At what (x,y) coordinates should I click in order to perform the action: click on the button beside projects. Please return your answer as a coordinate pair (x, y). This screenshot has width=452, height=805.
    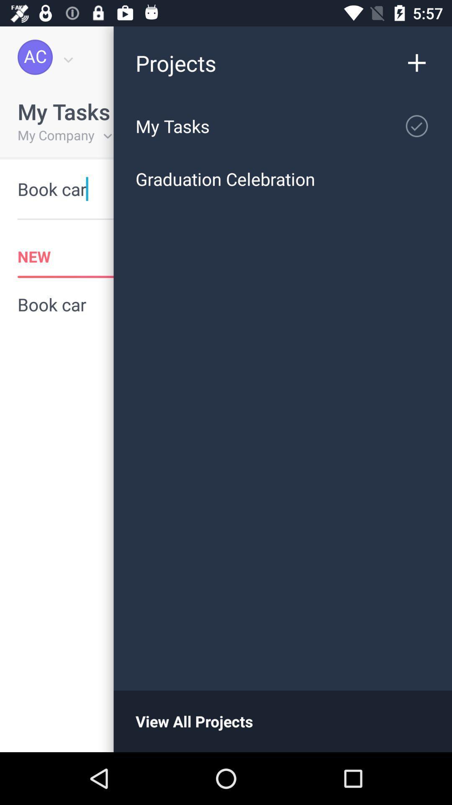
    Looking at the image, I should click on (421, 57).